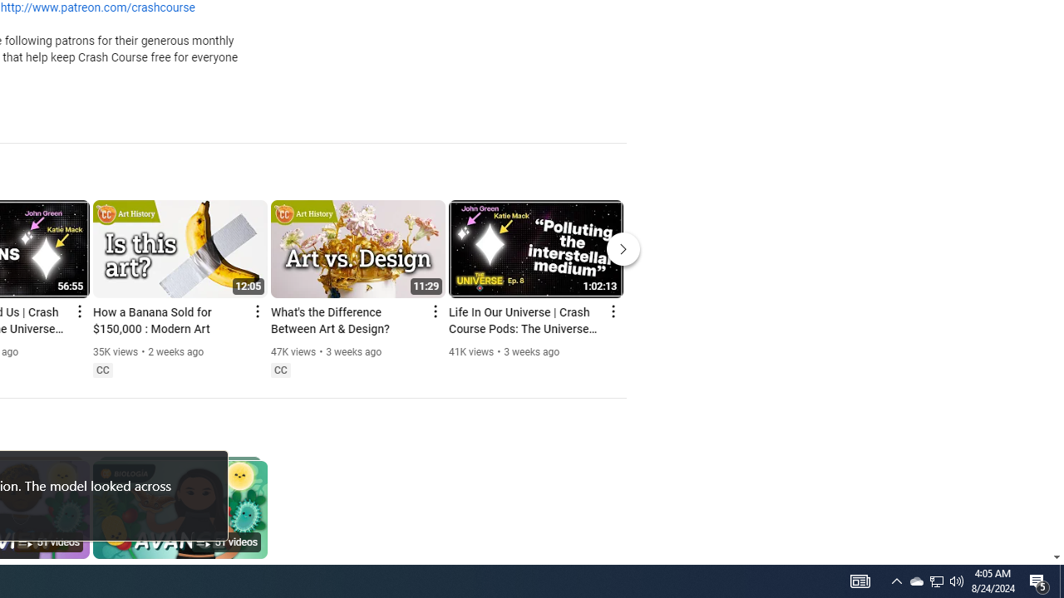 This screenshot has height=598, width=1064. Describe the element at coordinates (96, 8) in the screenshot. I see `'http://www.patreon.com/crashcourse'` at that location.